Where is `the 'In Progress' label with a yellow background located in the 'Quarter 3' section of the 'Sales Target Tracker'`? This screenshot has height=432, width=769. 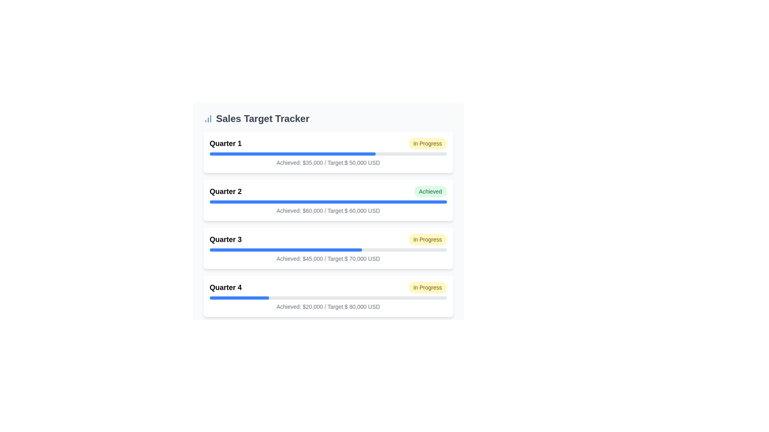
the 'In Progress' label with a yellow background located in the 'Quarter 3' section of the 'Sales Target Tracker' is located at coordinates (427, 239).